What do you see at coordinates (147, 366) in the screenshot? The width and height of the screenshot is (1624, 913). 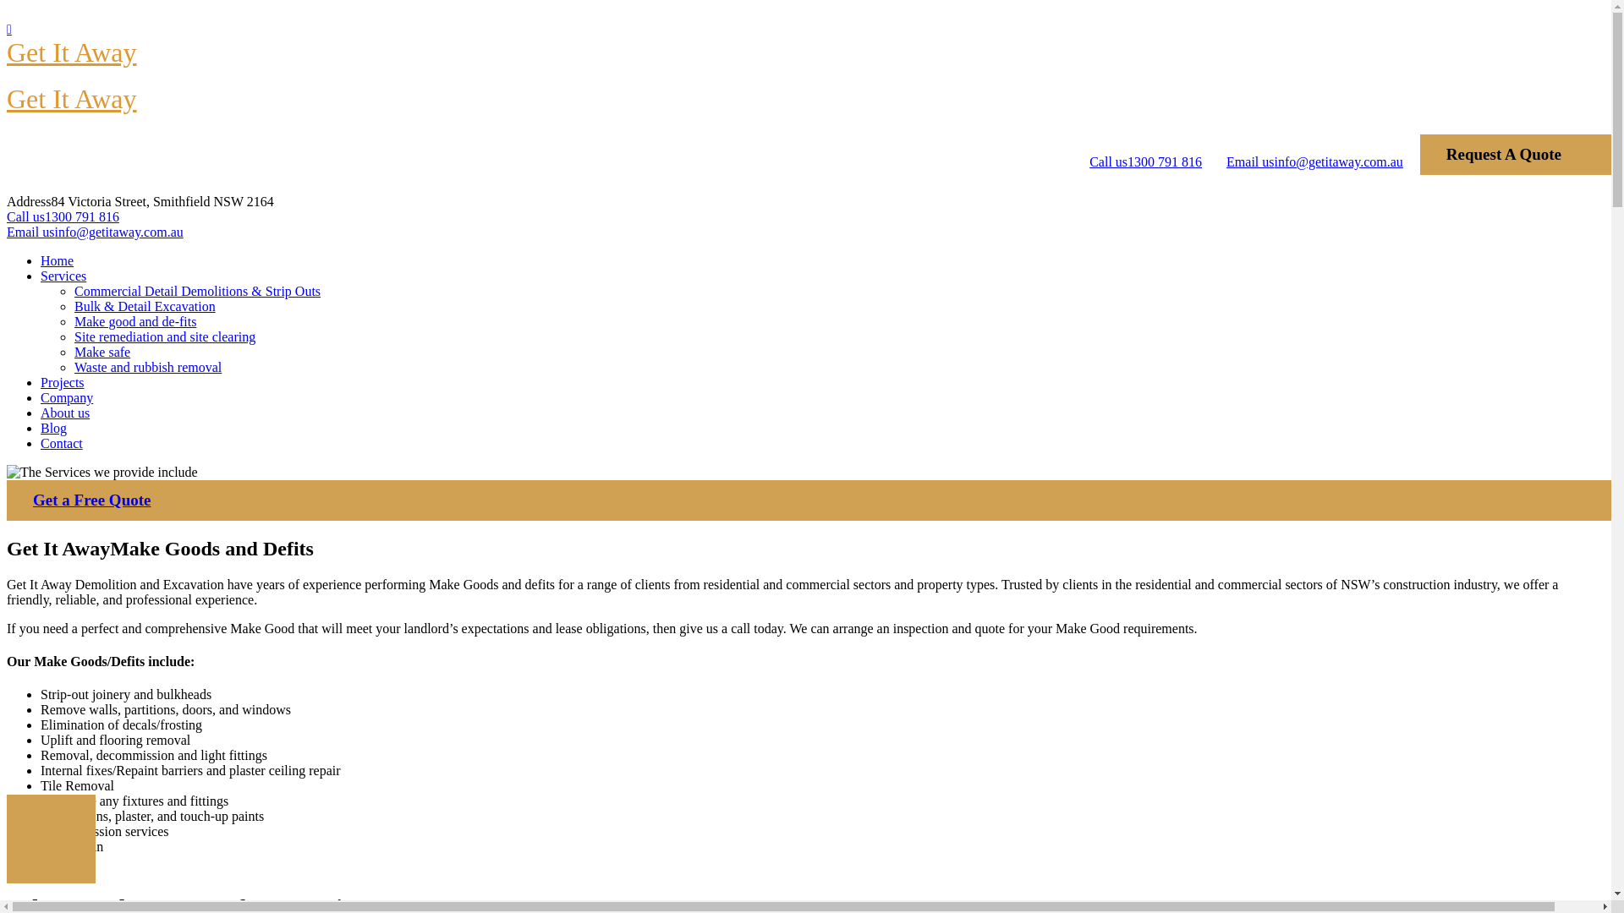 I see `'Waste and rubbish removal'` at bounding box center [147, 366].